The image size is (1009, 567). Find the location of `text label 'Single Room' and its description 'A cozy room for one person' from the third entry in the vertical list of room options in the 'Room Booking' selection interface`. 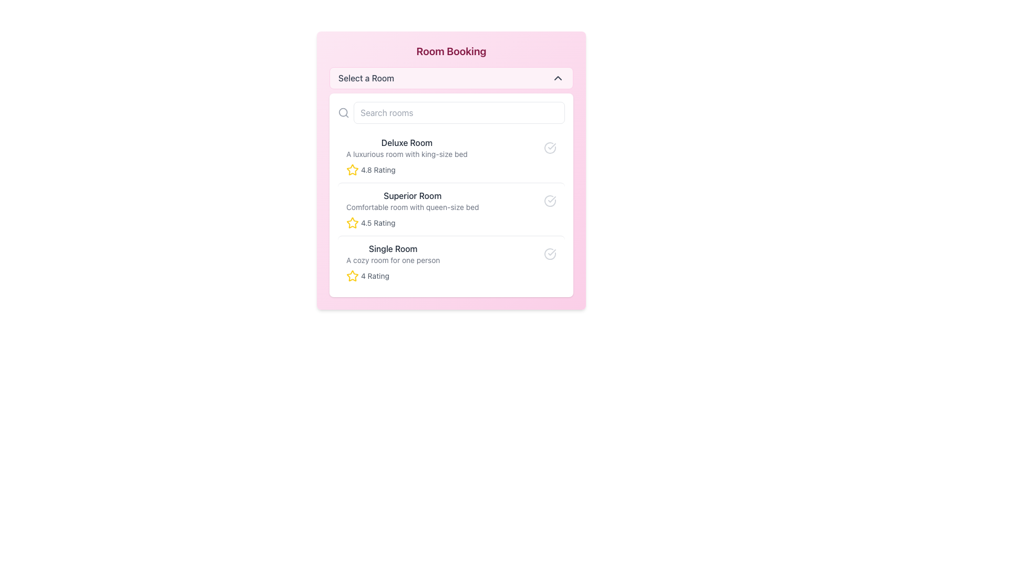

text label 'Single Room' and its description 'A cozy room for one person' from the third entry in the vertical list of room options in the 'Room Booking' selection interface is located at coordinates (393, 254).